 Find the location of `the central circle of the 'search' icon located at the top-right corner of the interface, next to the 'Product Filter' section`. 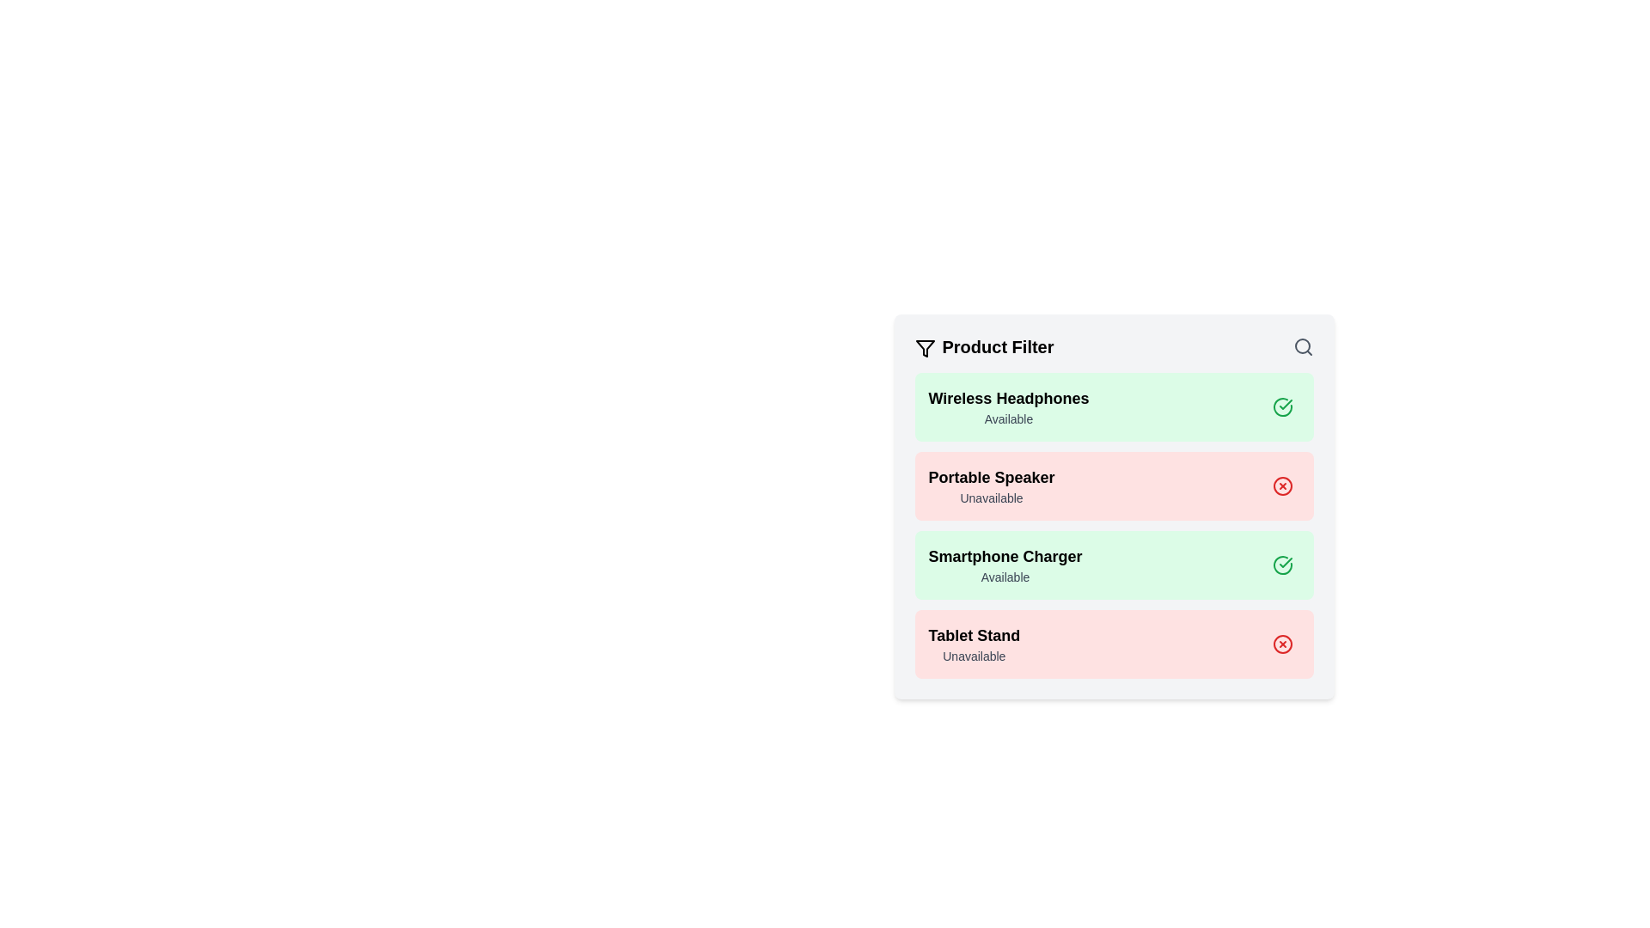

the central circle of the 'search' icon located at the top-right corner of the interface, next to the 'Product Filter' section is located at coordinates (1302, 345).